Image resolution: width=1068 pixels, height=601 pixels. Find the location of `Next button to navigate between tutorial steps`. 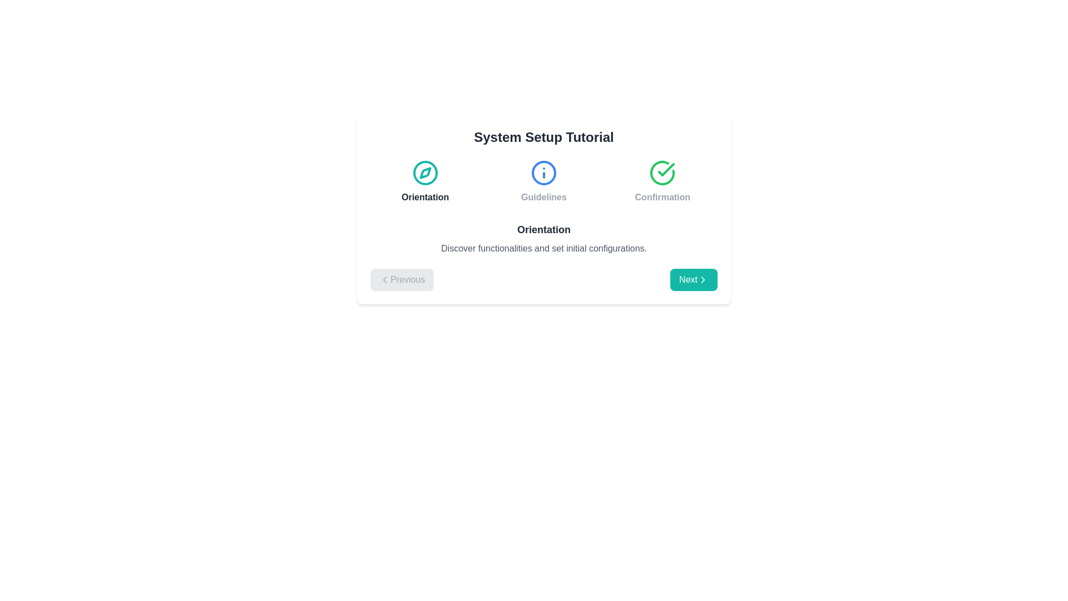

Next button to navigate between tutorial steps is located at coordinates (693, 279).